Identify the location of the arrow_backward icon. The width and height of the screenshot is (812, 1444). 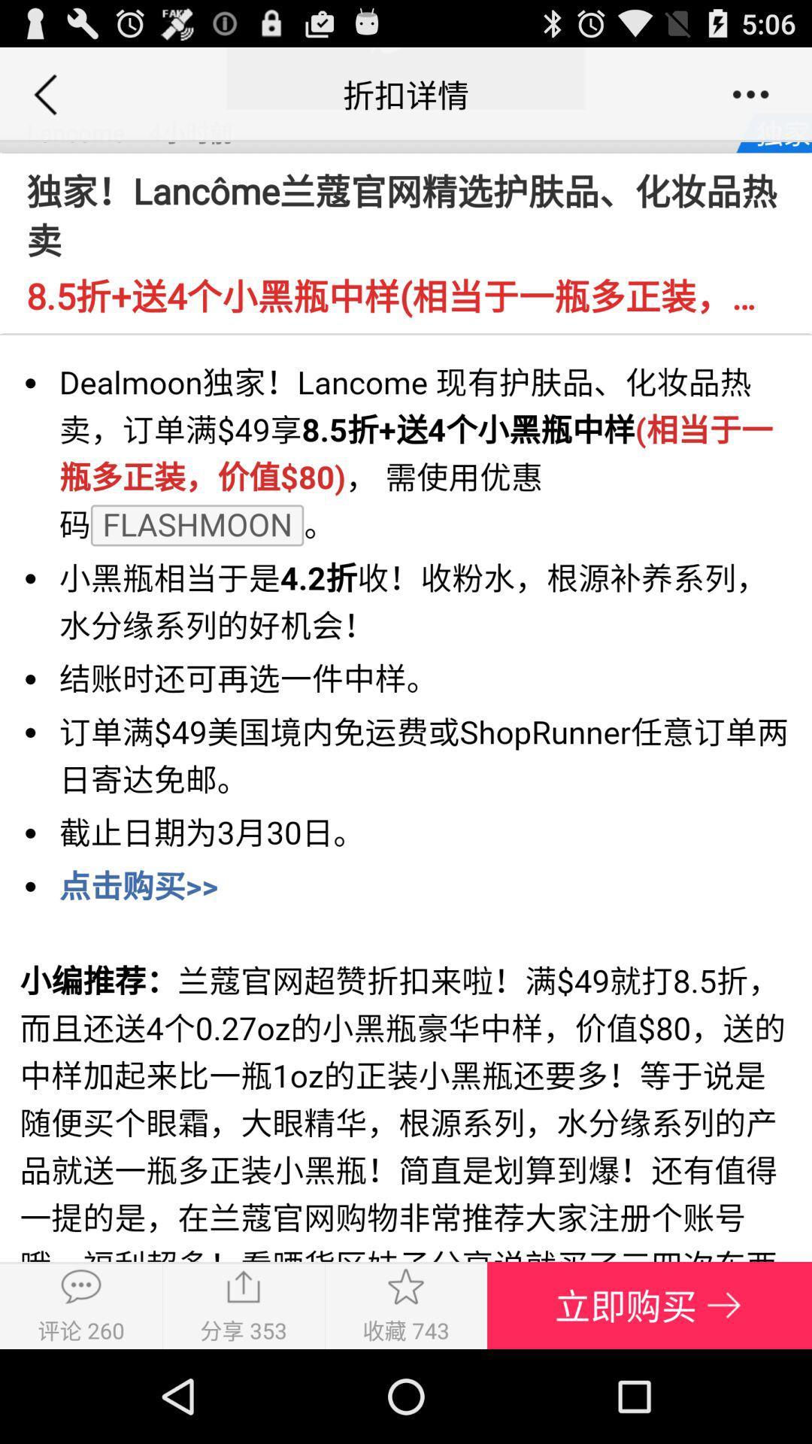
(44, 100).